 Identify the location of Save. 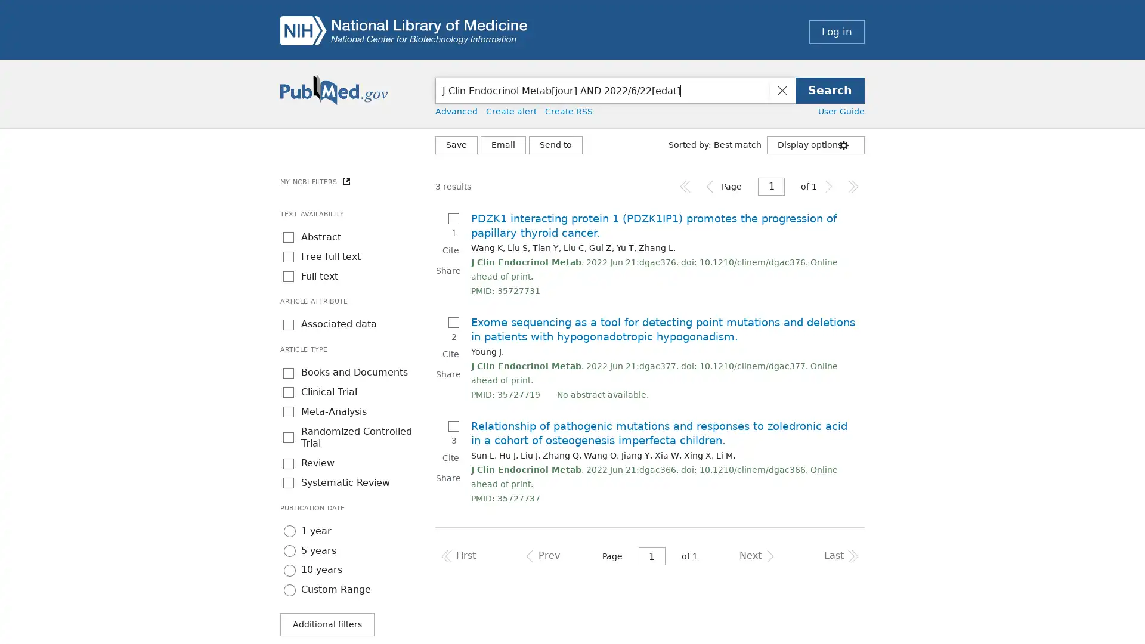
(456, 144).